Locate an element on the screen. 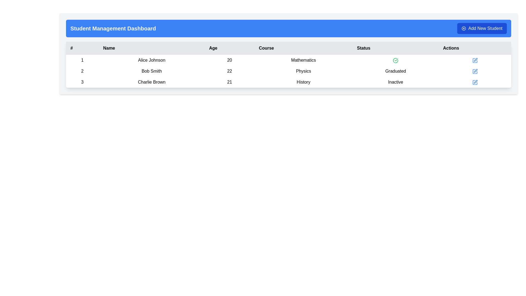 This screenshot has height=296, width=526. the icon representing data editing in the 'Actions' column of the last row in the student information table is located at coordinates (474, 82).